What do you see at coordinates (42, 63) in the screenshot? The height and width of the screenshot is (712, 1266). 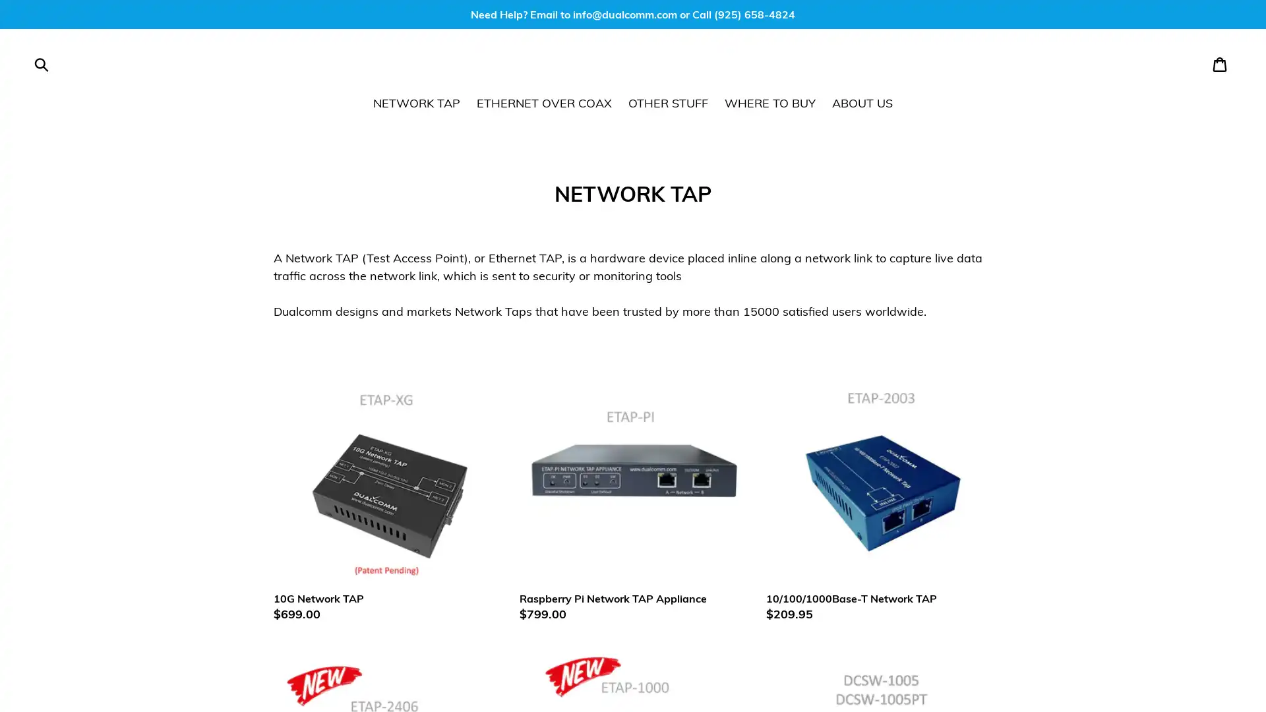 I see `Submit` at bounding box center [42, 63].